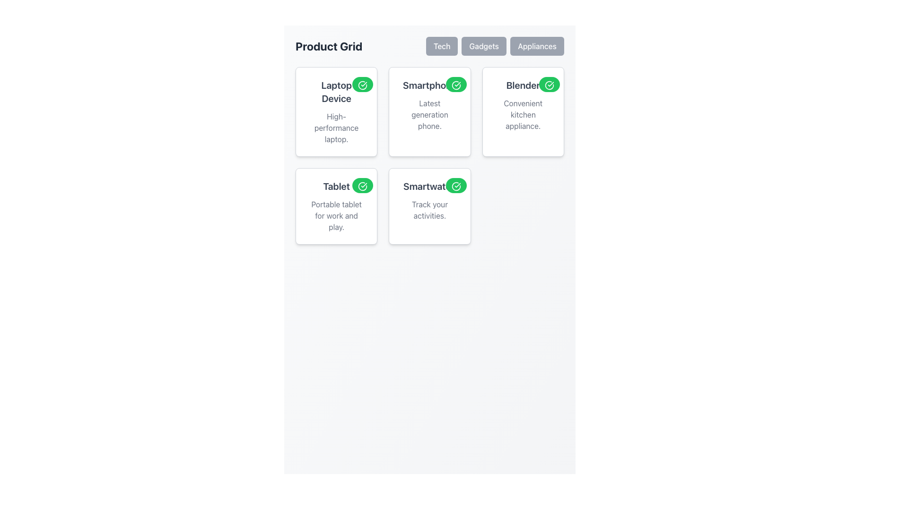 The image size is (908, 510). What do you see at coordinates (456, 186) in the screenshot?
I see `the confirmation button in the top-right corner of the 'Smartwatch' card` at bounding box center [456, 186].